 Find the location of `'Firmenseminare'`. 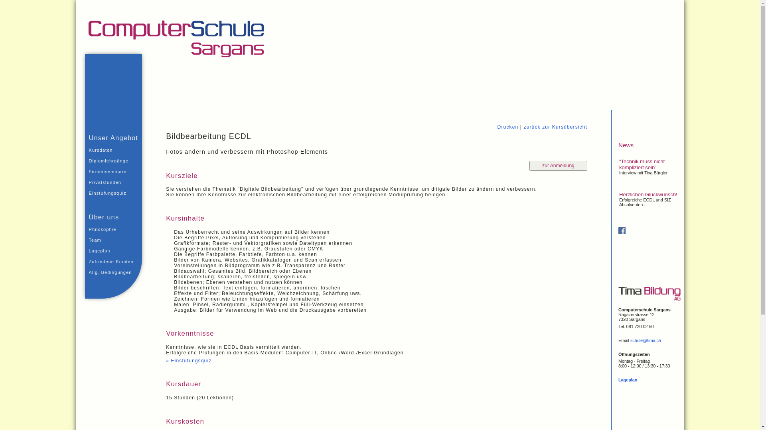

'Firmenseminare' is located at coordinates (84, 171).